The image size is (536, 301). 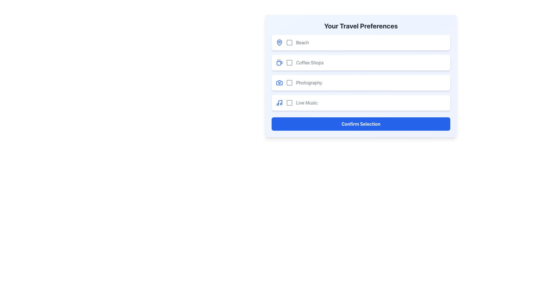 I want to click on the selectable list item for 'Photography' in the travel preferences list to access additional functionality, so click(x=361, y=83).